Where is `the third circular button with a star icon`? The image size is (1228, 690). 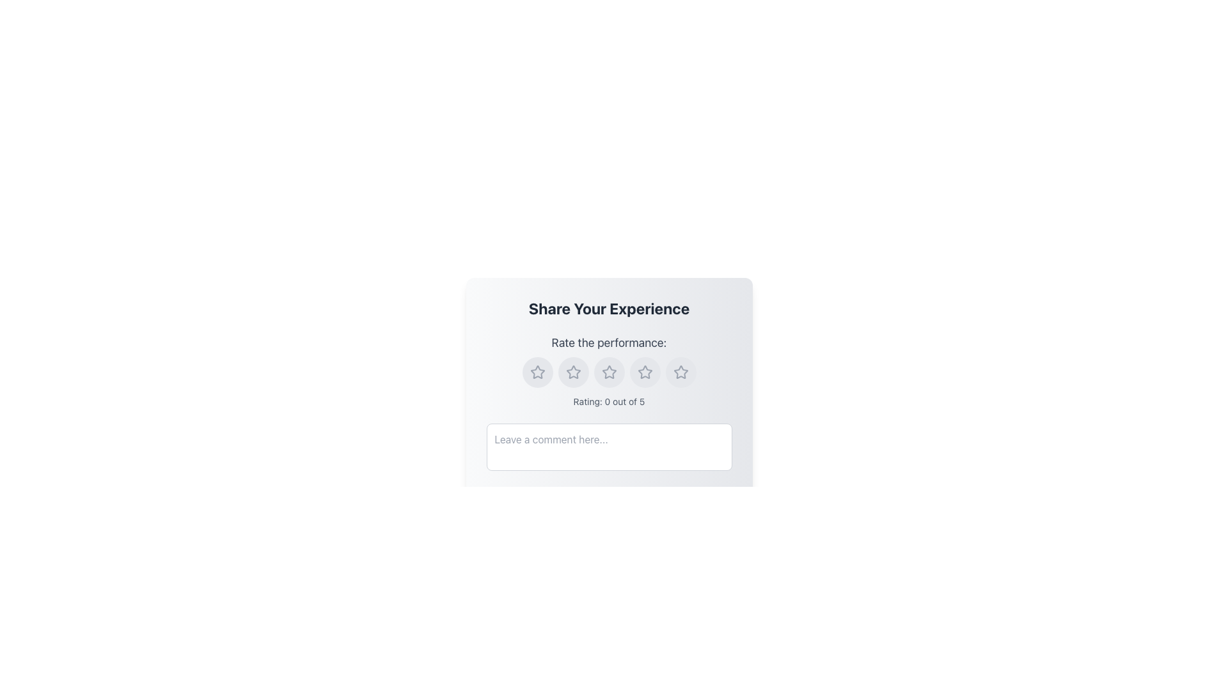
the third circular button with a star icon is located at coordinates (608, 372).